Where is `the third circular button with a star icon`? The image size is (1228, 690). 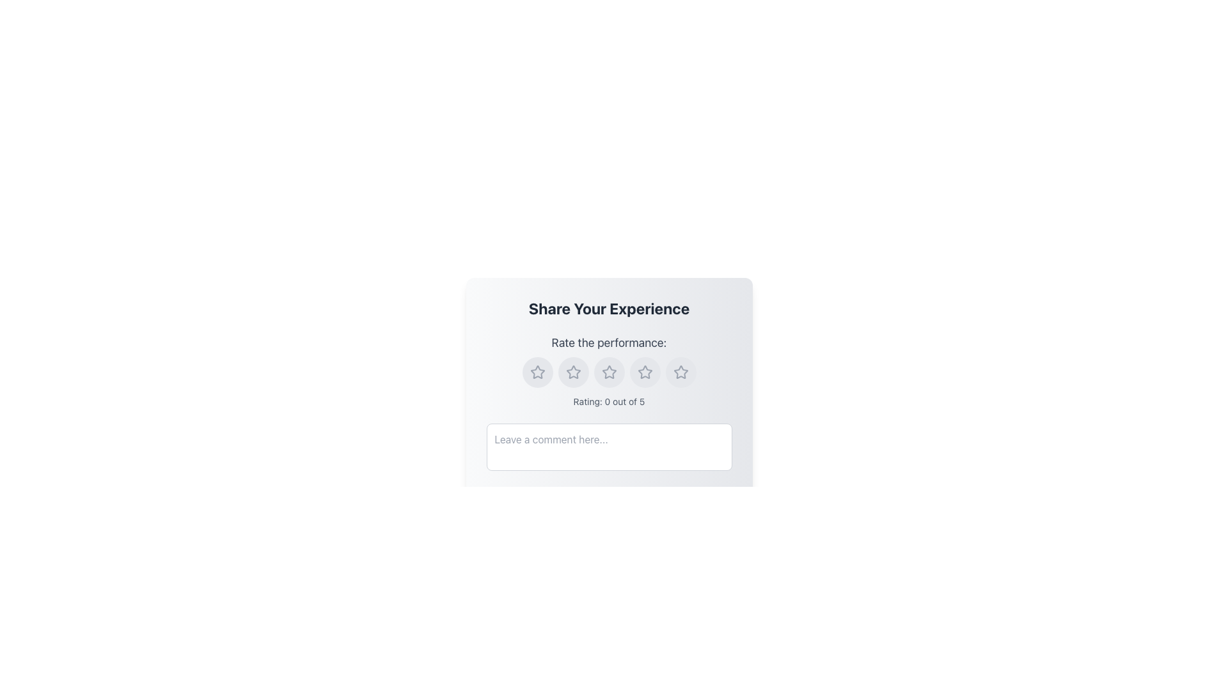
the third circular button with a star icon is located at coordinates (608, 372).